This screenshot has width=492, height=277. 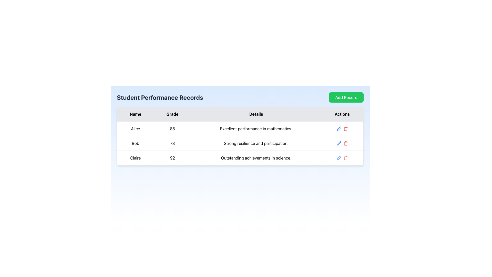 I want to click on the delete button in the second row, last column of the table under the 'Actions' header, so click(x=345, y=143).